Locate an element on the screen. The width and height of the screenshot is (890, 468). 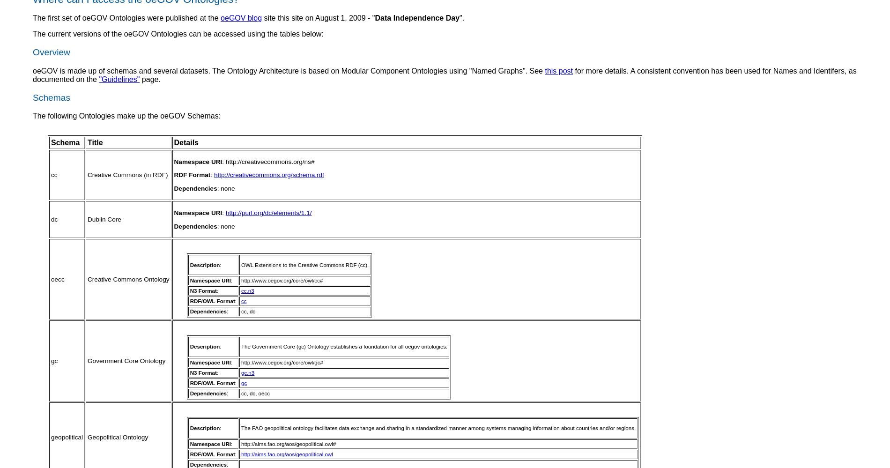
'oecc' is located at coordinates (51, 279).